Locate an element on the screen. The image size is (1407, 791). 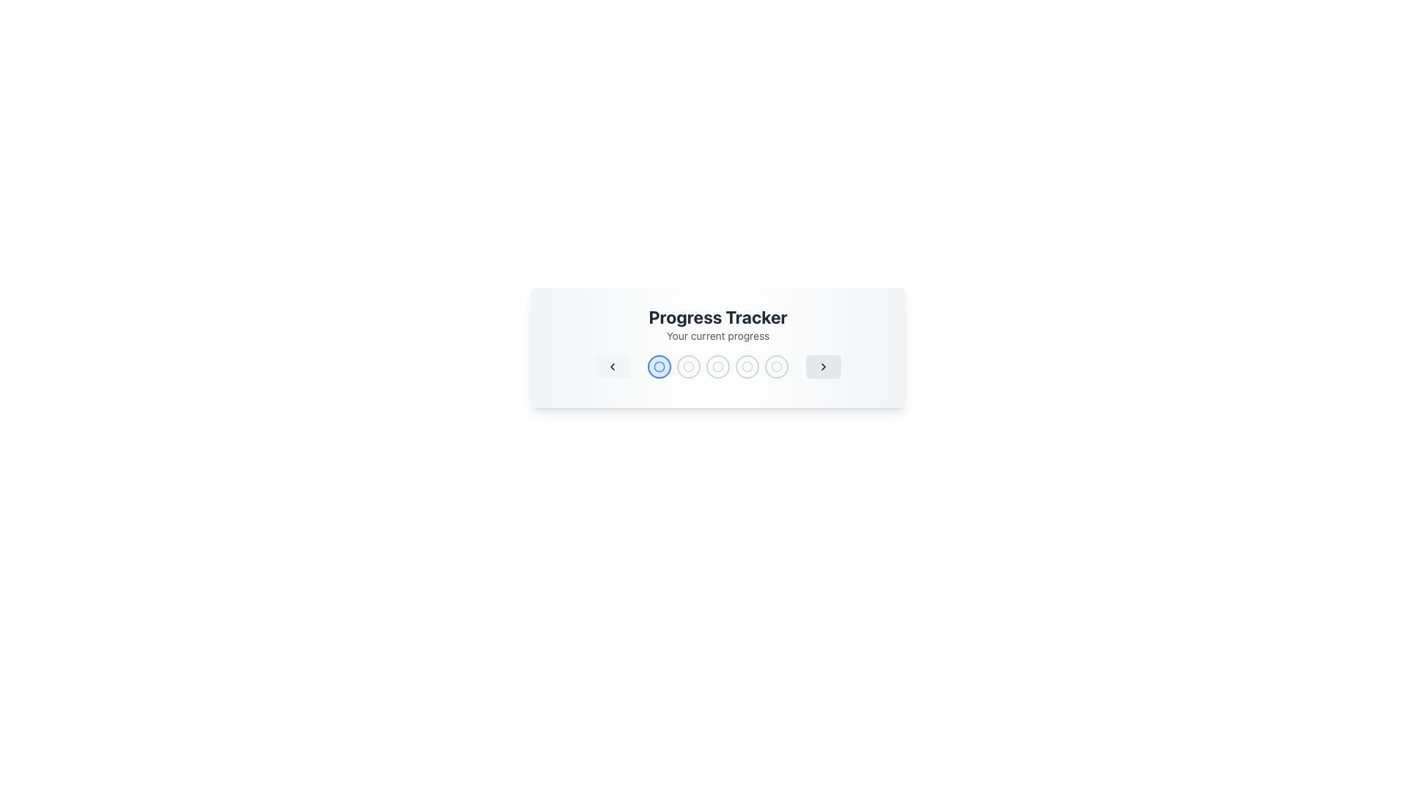
the third clickable circle in the progress tracker is located at coordinates (717, 366).